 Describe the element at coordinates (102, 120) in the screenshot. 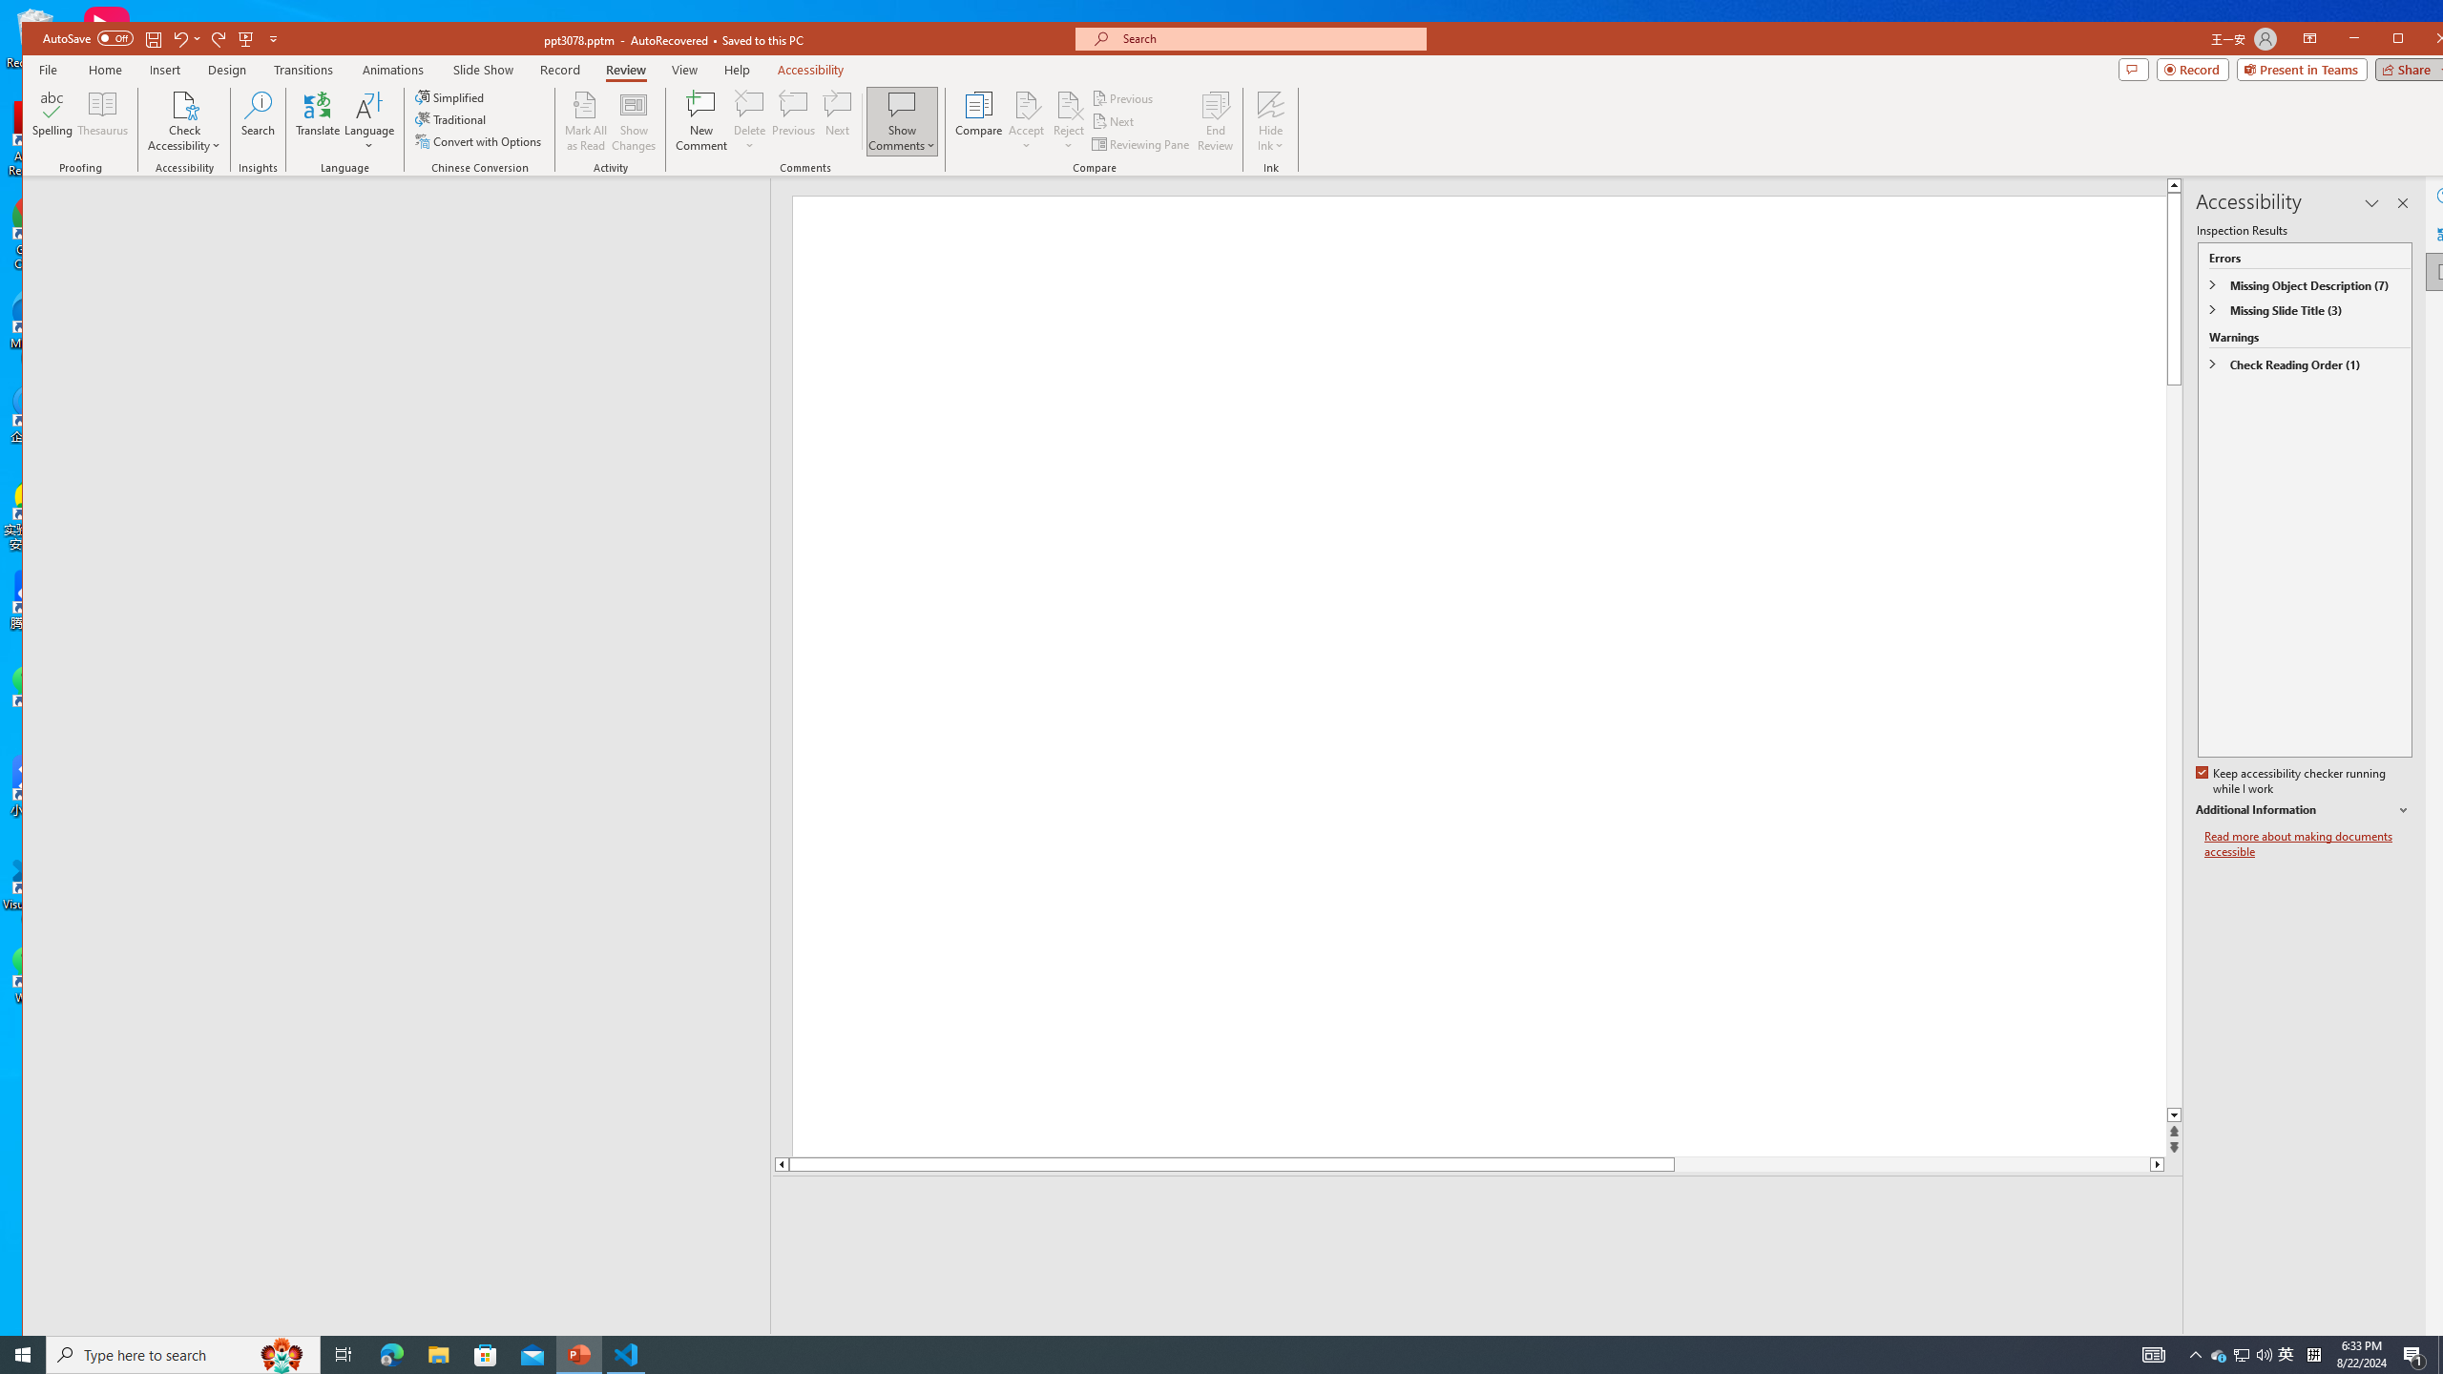

I see `'Thesaurus...'` at that location.